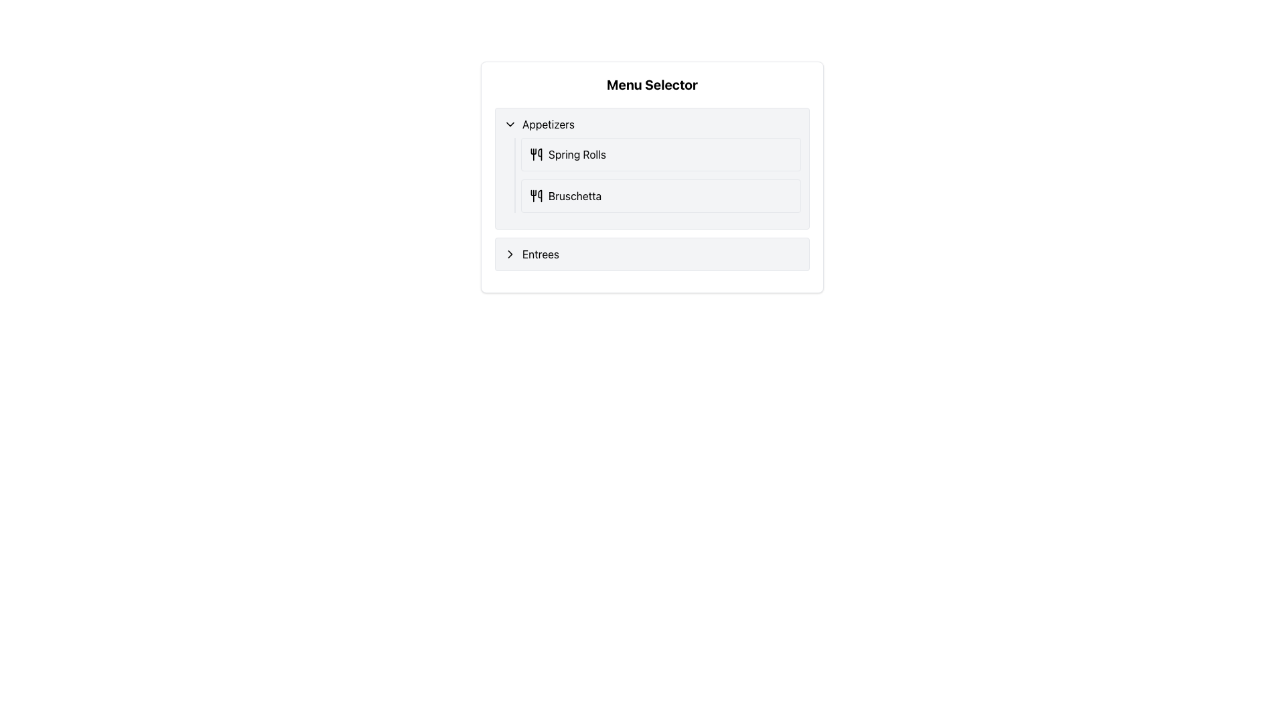  What do you see at coordinates (661, 175) in the screenshot?
I see `the 'Spring Rolls' and 'Bruschetta' menu items individually in the 'Appetizers' section of the Menu Selector panel, located at the specified coordinates` at bounding box center [661, 175].